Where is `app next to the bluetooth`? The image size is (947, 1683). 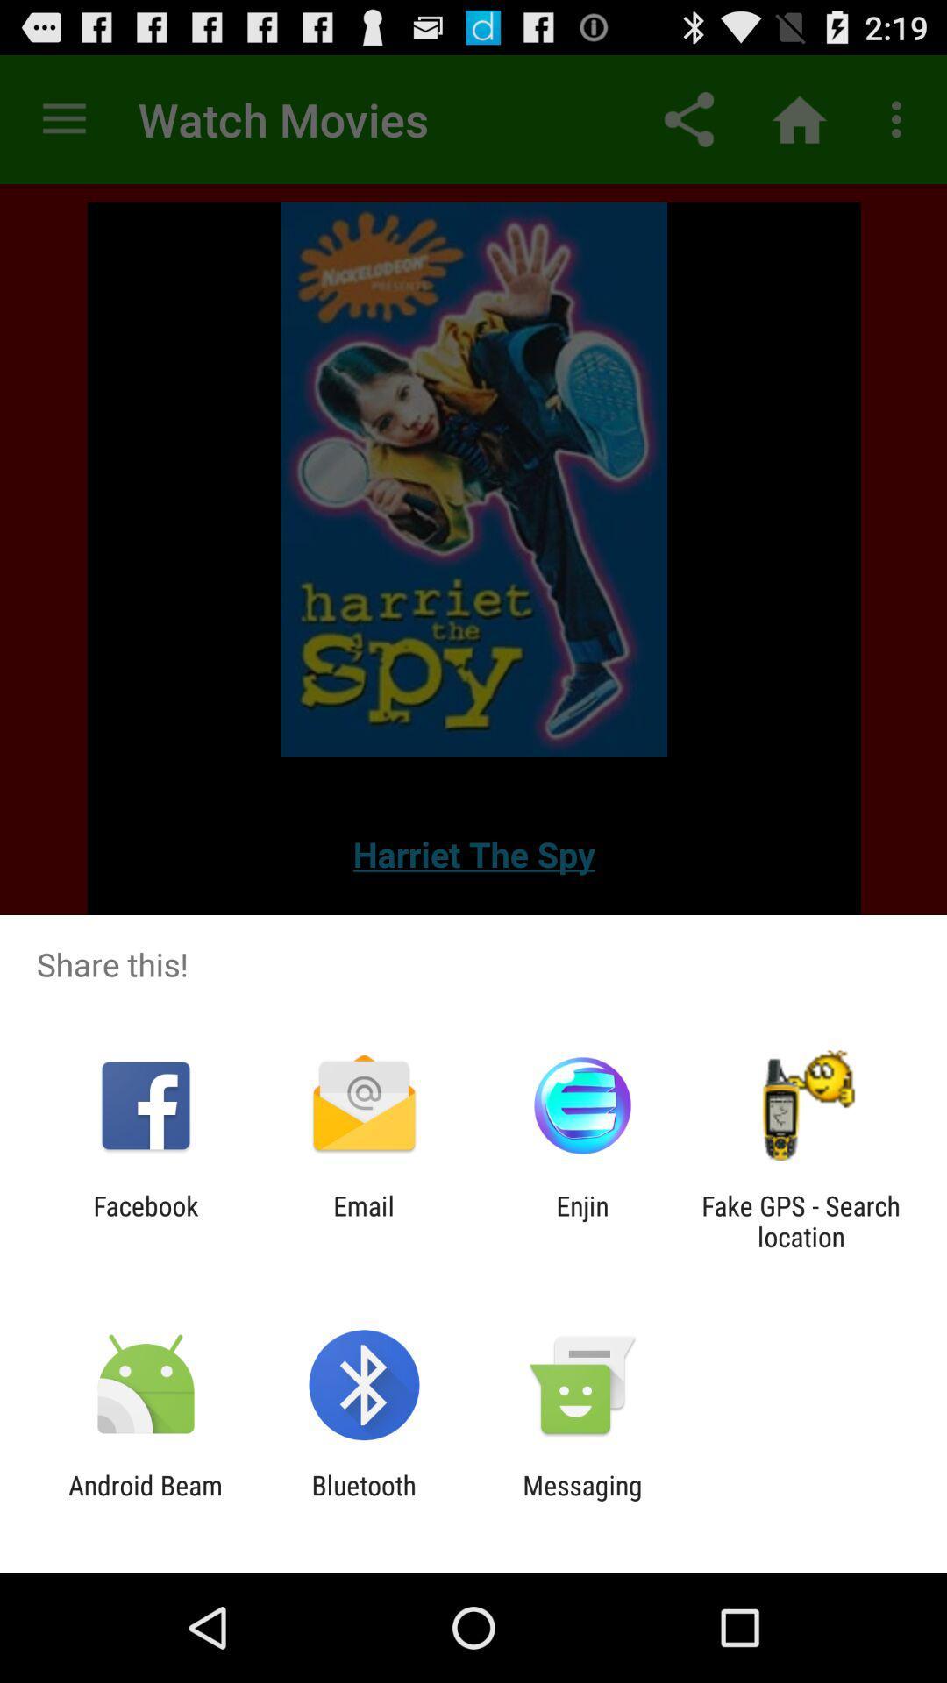 app next to the bluetooth is located at coordinates (582, 1500).